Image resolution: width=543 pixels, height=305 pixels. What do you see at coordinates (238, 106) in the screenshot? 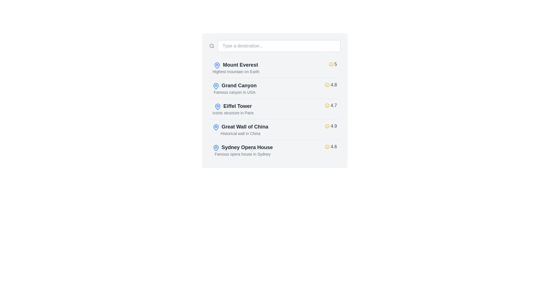
I see `text label for the destination 'Eiffel Tower', which is the second line of text in a vertically-oriented list of destinations, positioned below an icon and above its description` at bounding box center [238, 106].